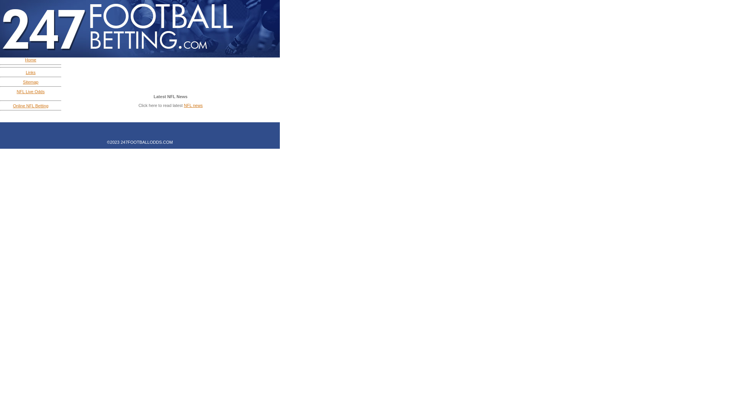 The width and height of the screenshot is (736, 414). I want to click on 'Home', so click(30, 59).